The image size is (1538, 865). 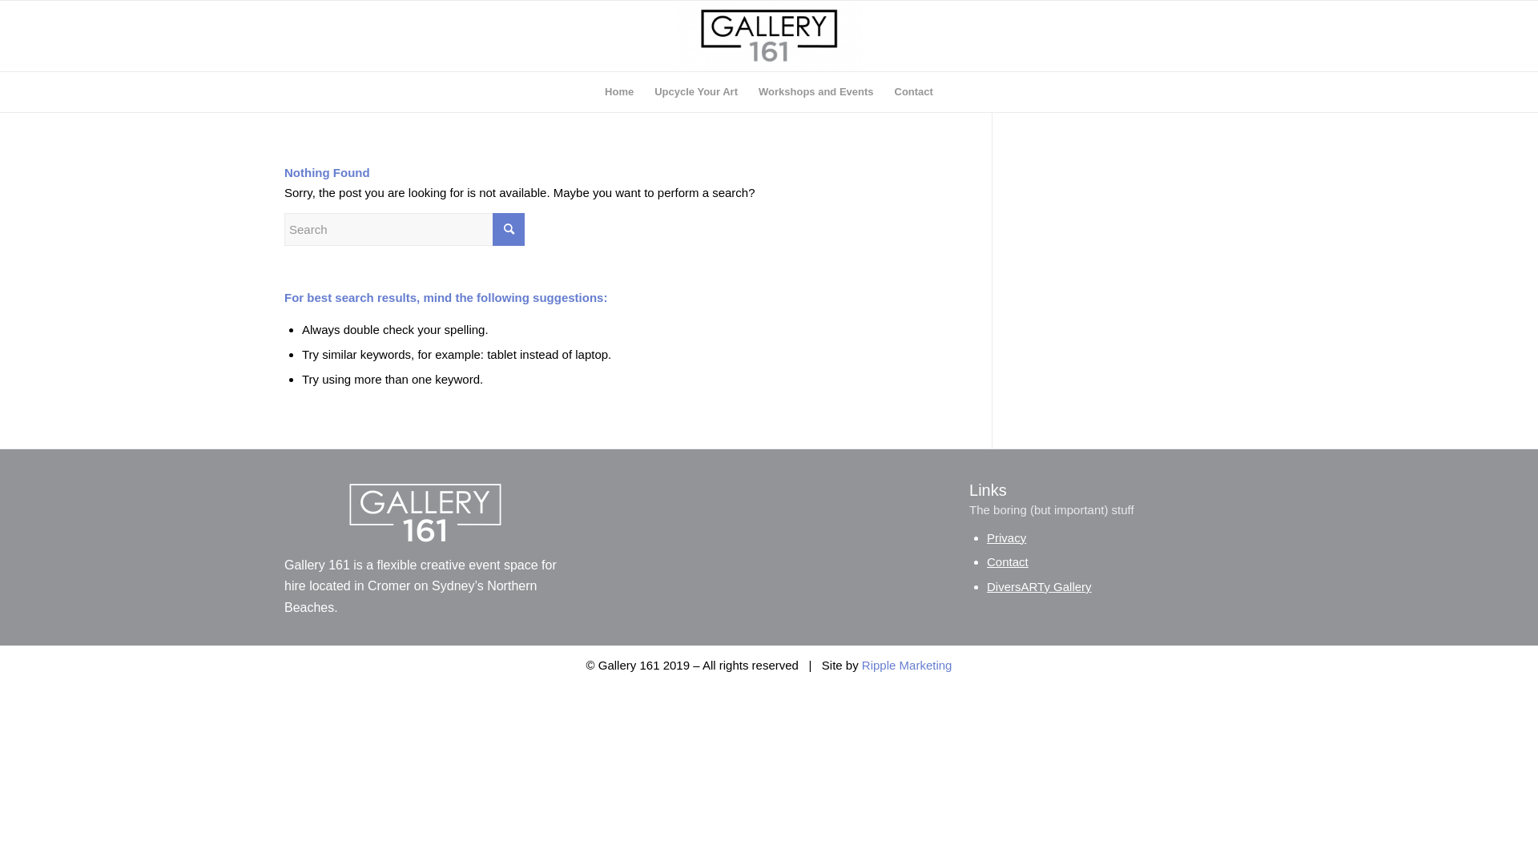 I want to click on 'Ripple Marketing', so click(x=907, y=665).